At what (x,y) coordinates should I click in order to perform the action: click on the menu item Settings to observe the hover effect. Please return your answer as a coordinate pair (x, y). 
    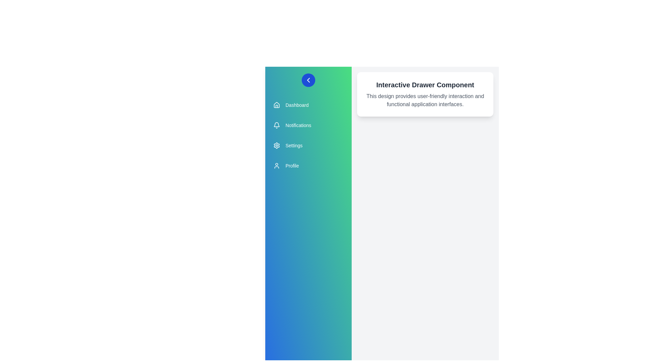
    Looking at the image, I should click on (308, 145).